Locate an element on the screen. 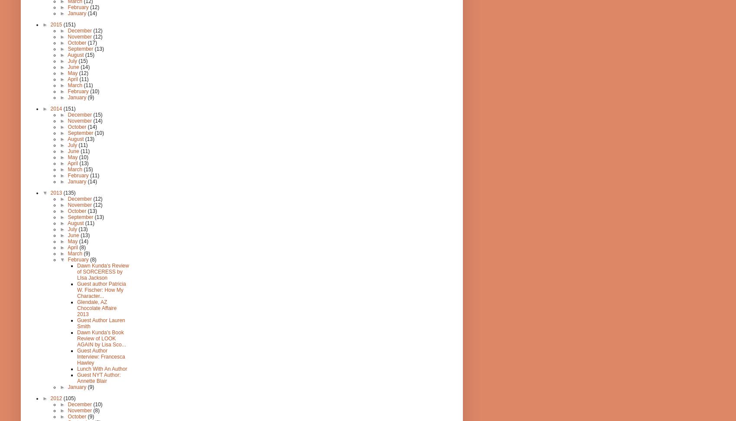 This screenshot has width=736, height=421. 'Guest author Patricia W. Fischer: How My Character...' is located at coordinates (101, 290).